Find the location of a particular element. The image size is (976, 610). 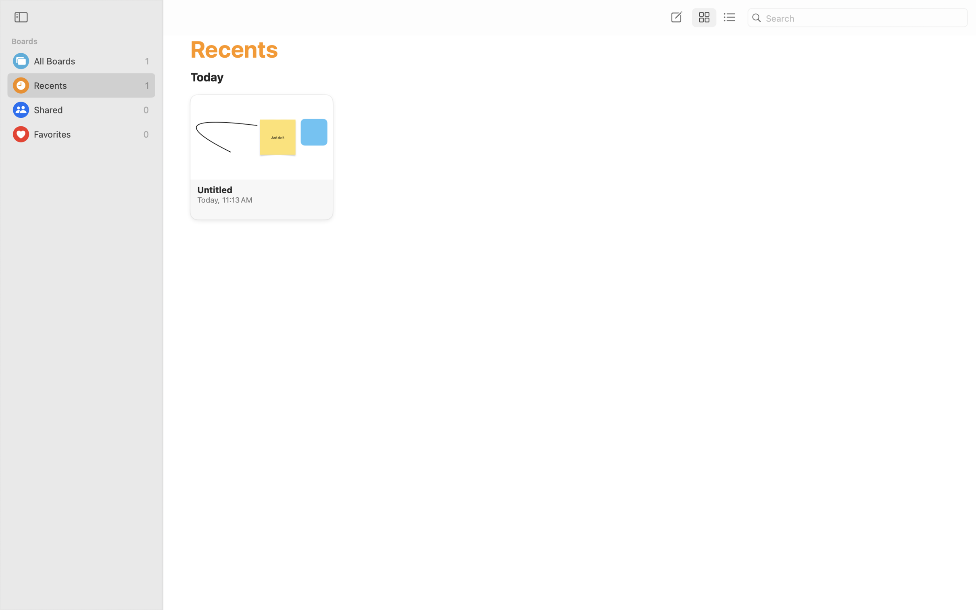

'Recents' is located at coordinates (88, 85).